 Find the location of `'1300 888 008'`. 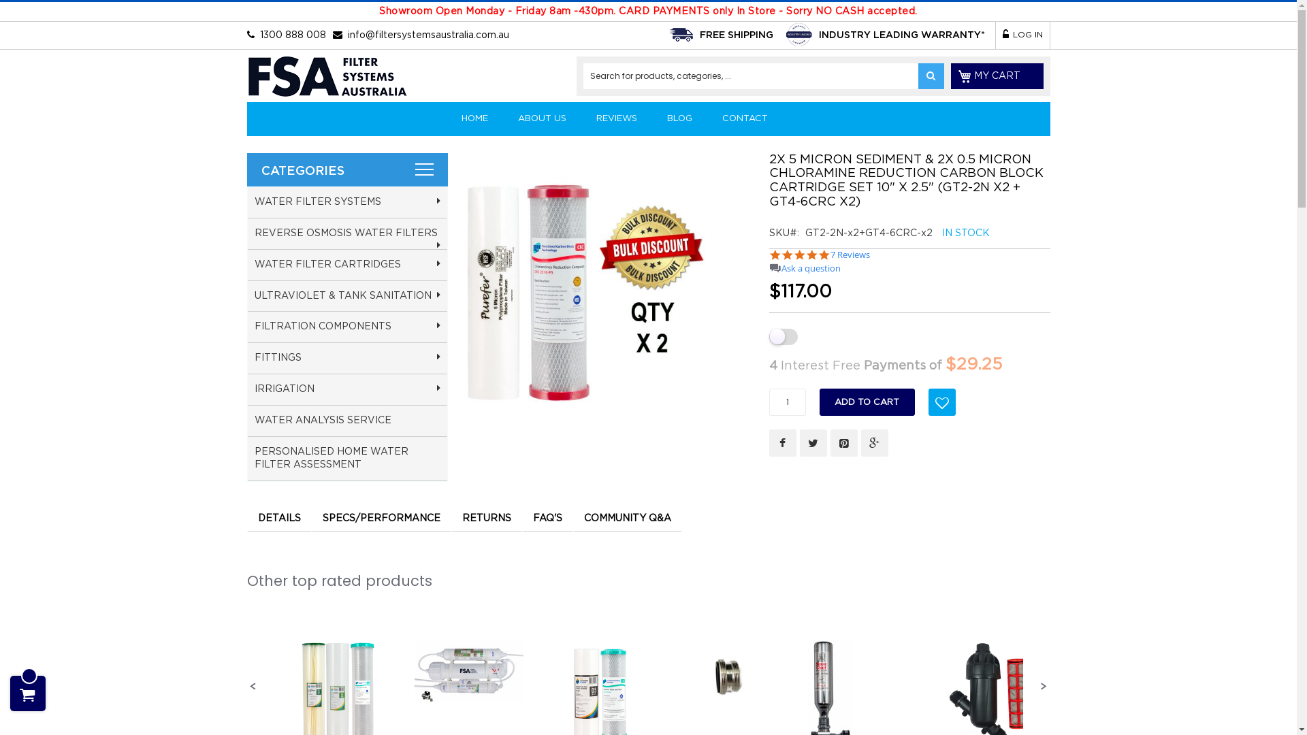

'1300 888 008' is located at coordinates (292, 34).